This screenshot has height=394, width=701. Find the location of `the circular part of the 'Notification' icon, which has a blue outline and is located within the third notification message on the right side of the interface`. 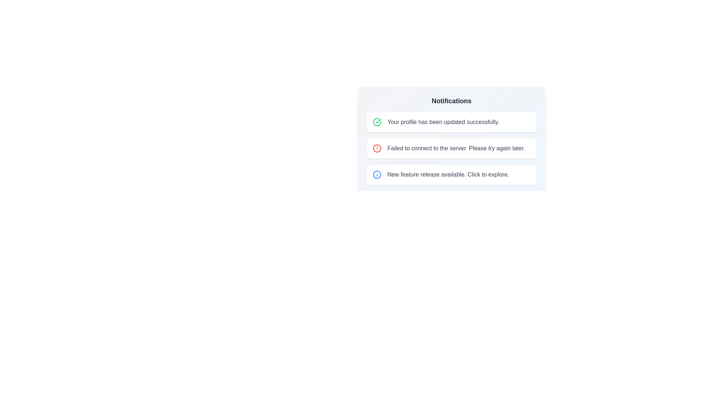

the circular part of the 'Notification' icon, which has a blue outline and is located within the third notification message on the right side of the interface is located at coordinates (377, 174).